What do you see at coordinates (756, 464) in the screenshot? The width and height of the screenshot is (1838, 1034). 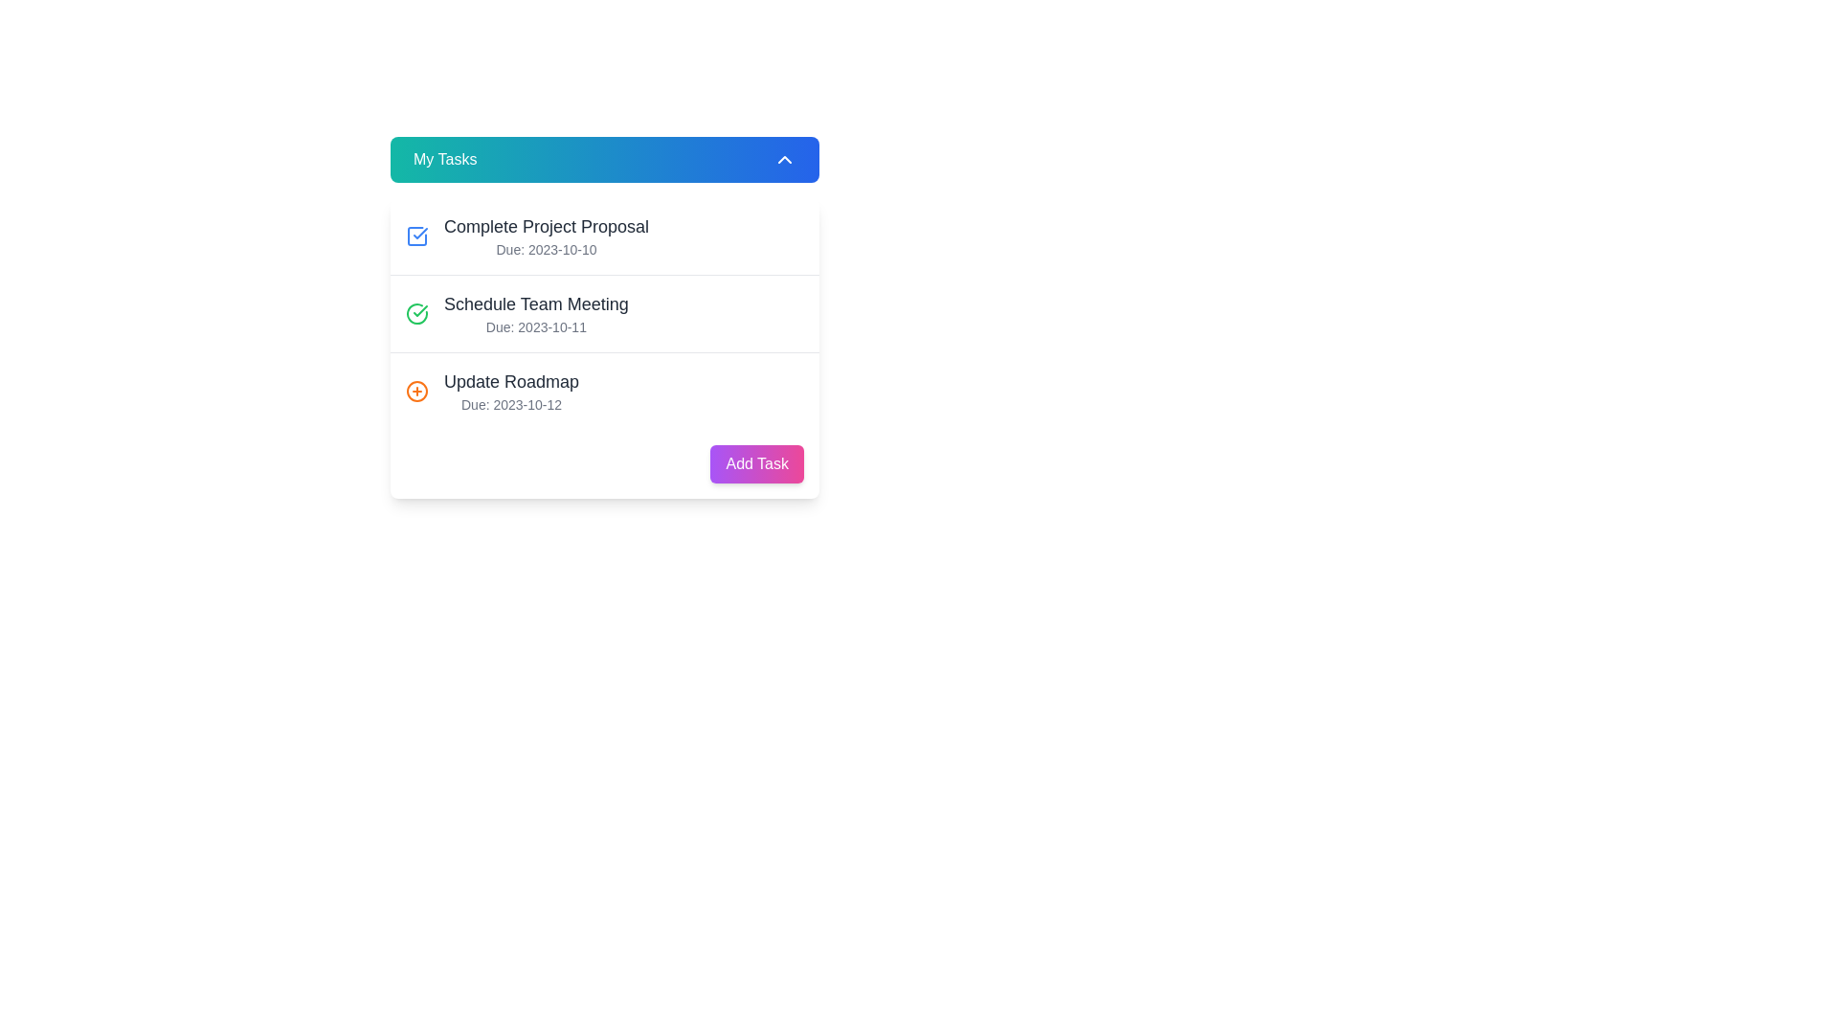 I see `the button located at the bottom right of the task list section to observe a style change` at bounding box center [756, 464].